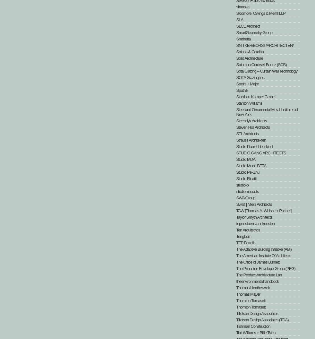 The width and height of the screenshot is (315, 339). Describe the element at coordinates (264, 249) in the screenshot. I see `'The Adaptive Building Initiative (ABI)'` at that location.